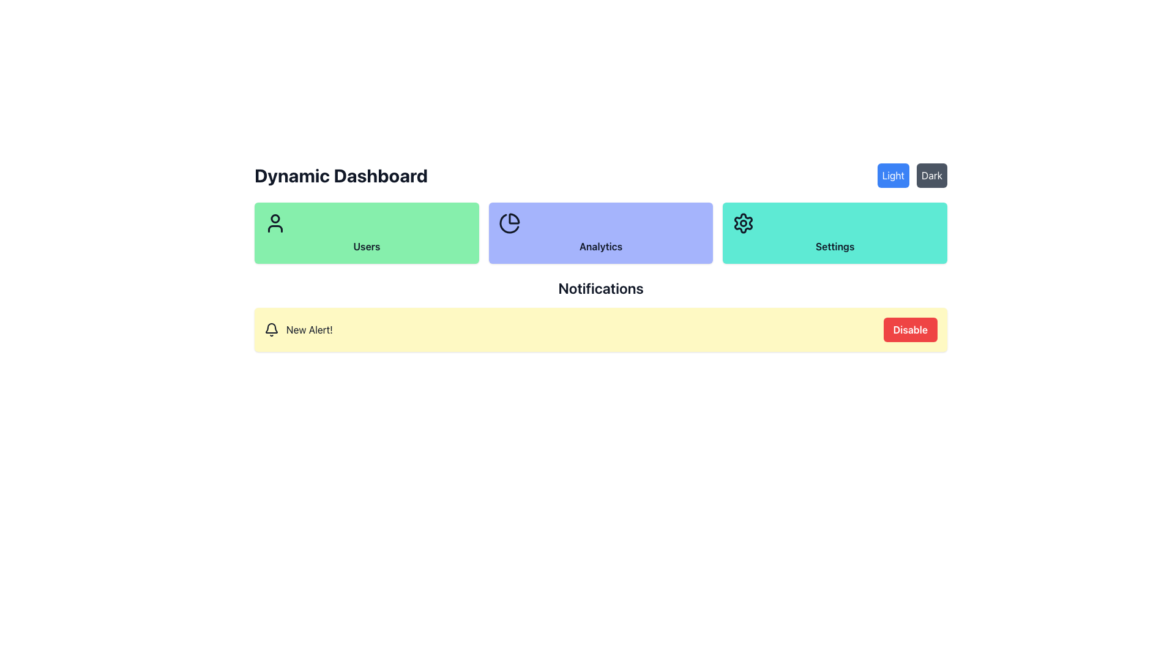  Describe the element at coordinates (601, 233) in the screenshot. I see `the analytics navigation button located between the 'Users' and 'Settings' tiles` at that location.